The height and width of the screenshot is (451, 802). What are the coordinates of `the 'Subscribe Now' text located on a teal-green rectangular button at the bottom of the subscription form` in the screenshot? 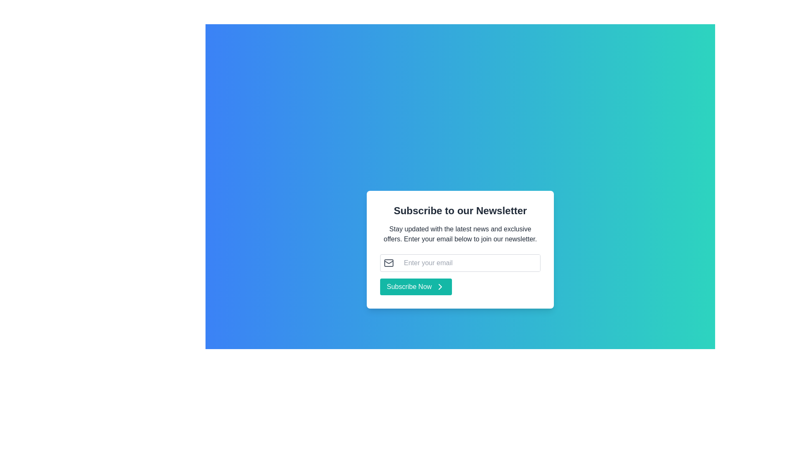 It's located at (409, 286).